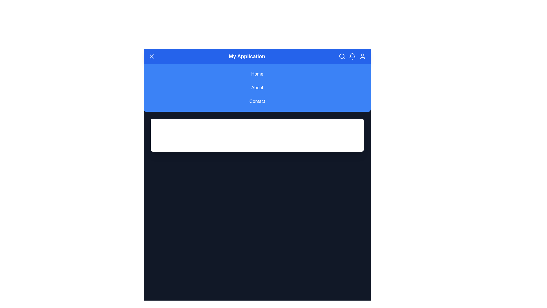 The image size is (547, 308). Describe the element at coordinates (342, 56) in the screenshot. I see `the search icon in the header` at that location.